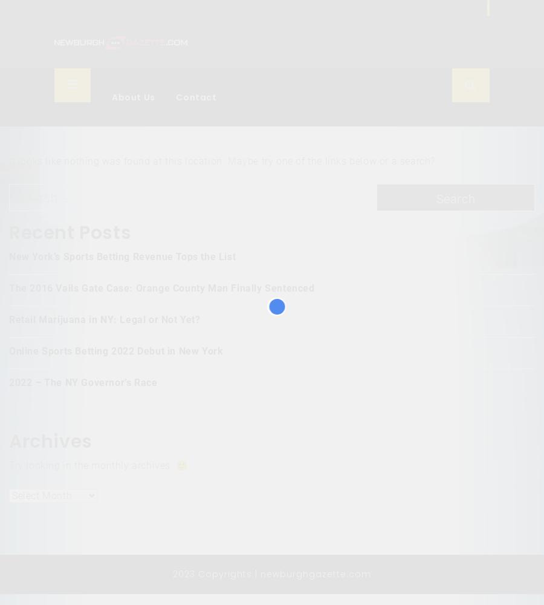 Image resolution: width=544 pixels, height=605 pixels. Describe the element at coordinates (216, 574) in the screenshot. I see `'2023 Copyrights |'` at that location.